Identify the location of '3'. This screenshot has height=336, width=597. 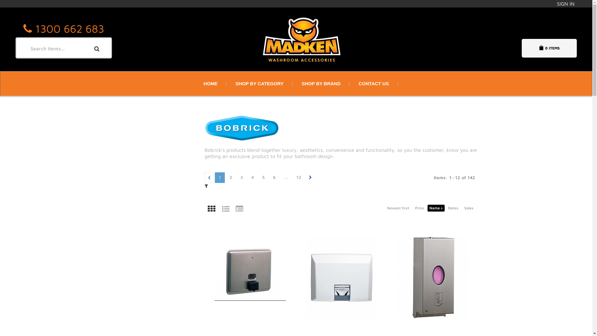
(241, 177).